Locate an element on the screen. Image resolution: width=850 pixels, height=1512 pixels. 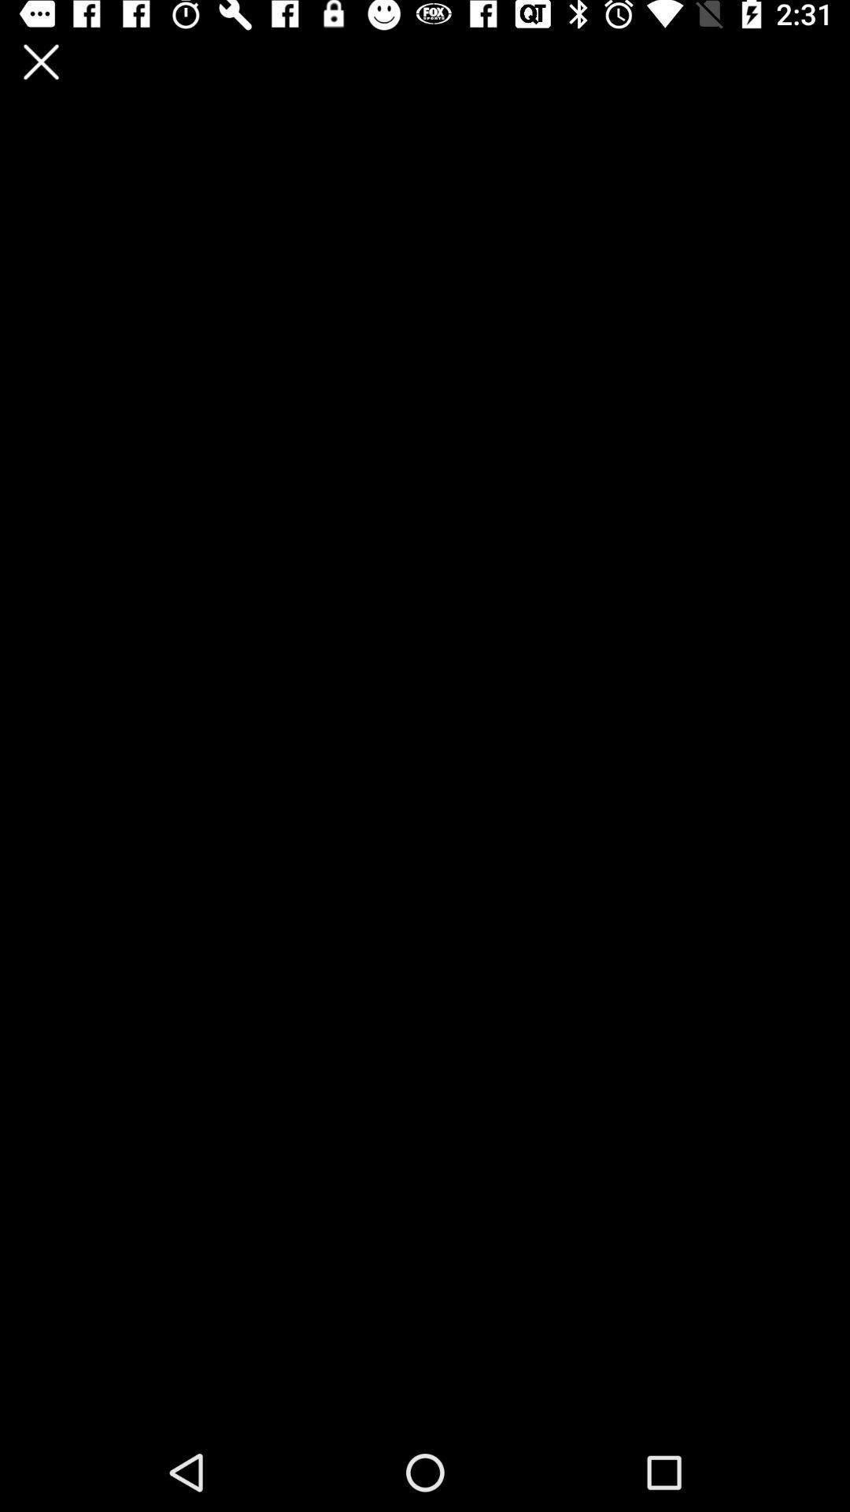
switch on the close is located at coordinates (40, 61).